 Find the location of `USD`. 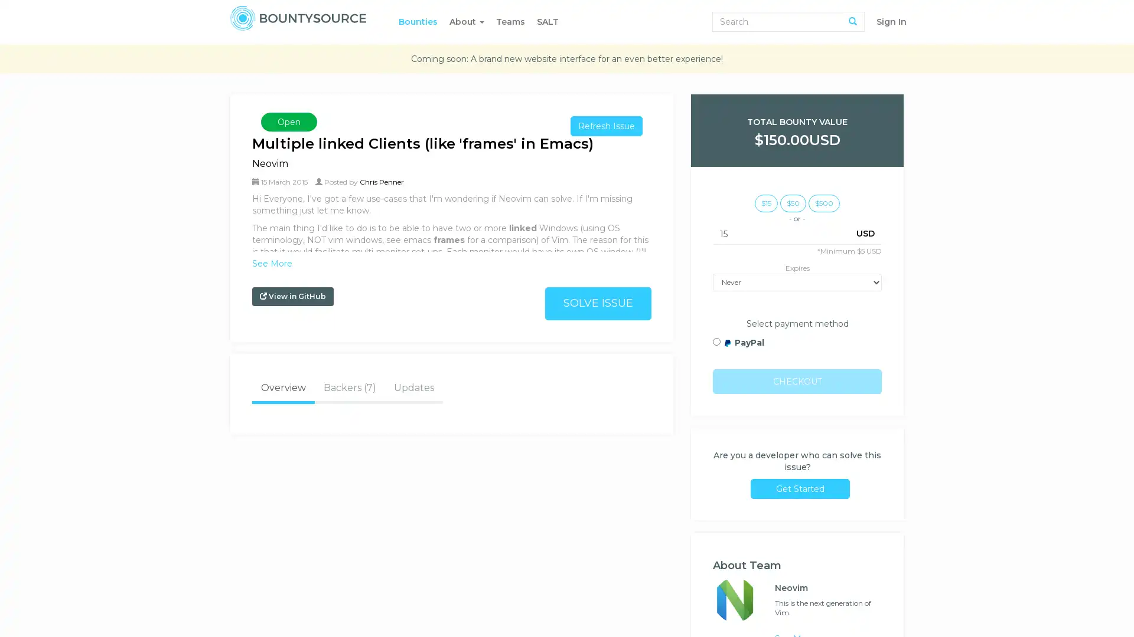

USD is located at coordinates (865, 232).